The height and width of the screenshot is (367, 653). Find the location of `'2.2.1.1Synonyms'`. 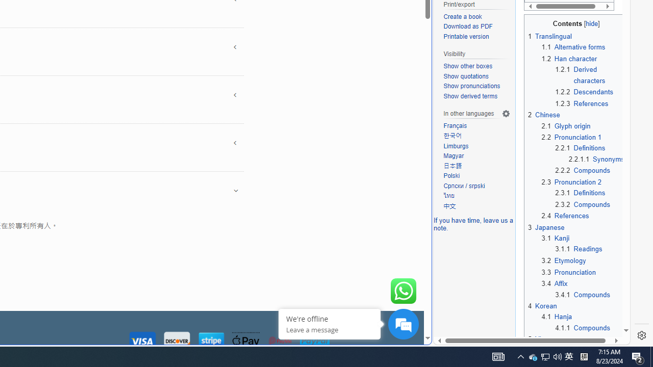

'2.2.1.1Synonyms' is located at coordinates (596, 159).